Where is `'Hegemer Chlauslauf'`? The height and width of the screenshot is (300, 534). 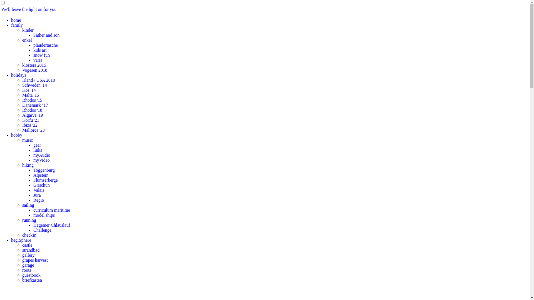
'Hegemer Chlauslauf' is located at coordinates (52, 225).